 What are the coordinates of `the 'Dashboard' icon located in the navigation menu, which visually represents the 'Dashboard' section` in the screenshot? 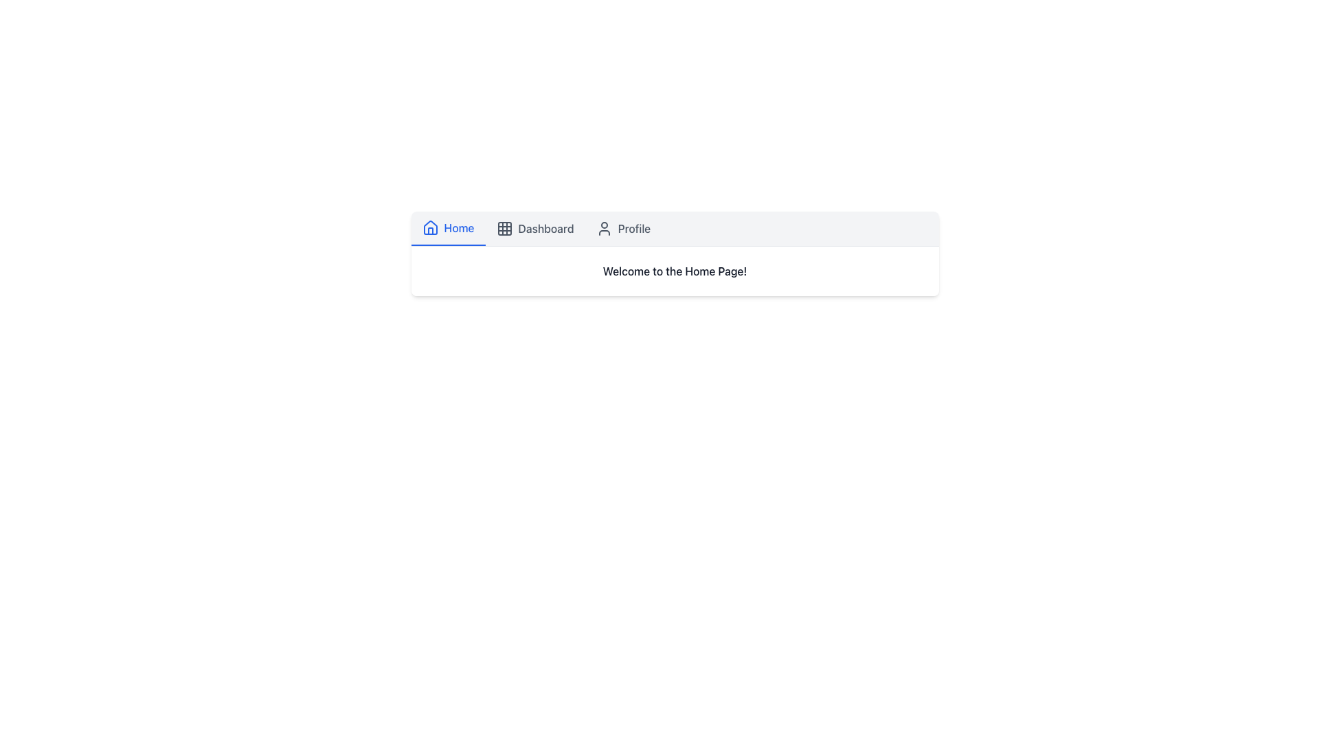 It's located at (504, 227).